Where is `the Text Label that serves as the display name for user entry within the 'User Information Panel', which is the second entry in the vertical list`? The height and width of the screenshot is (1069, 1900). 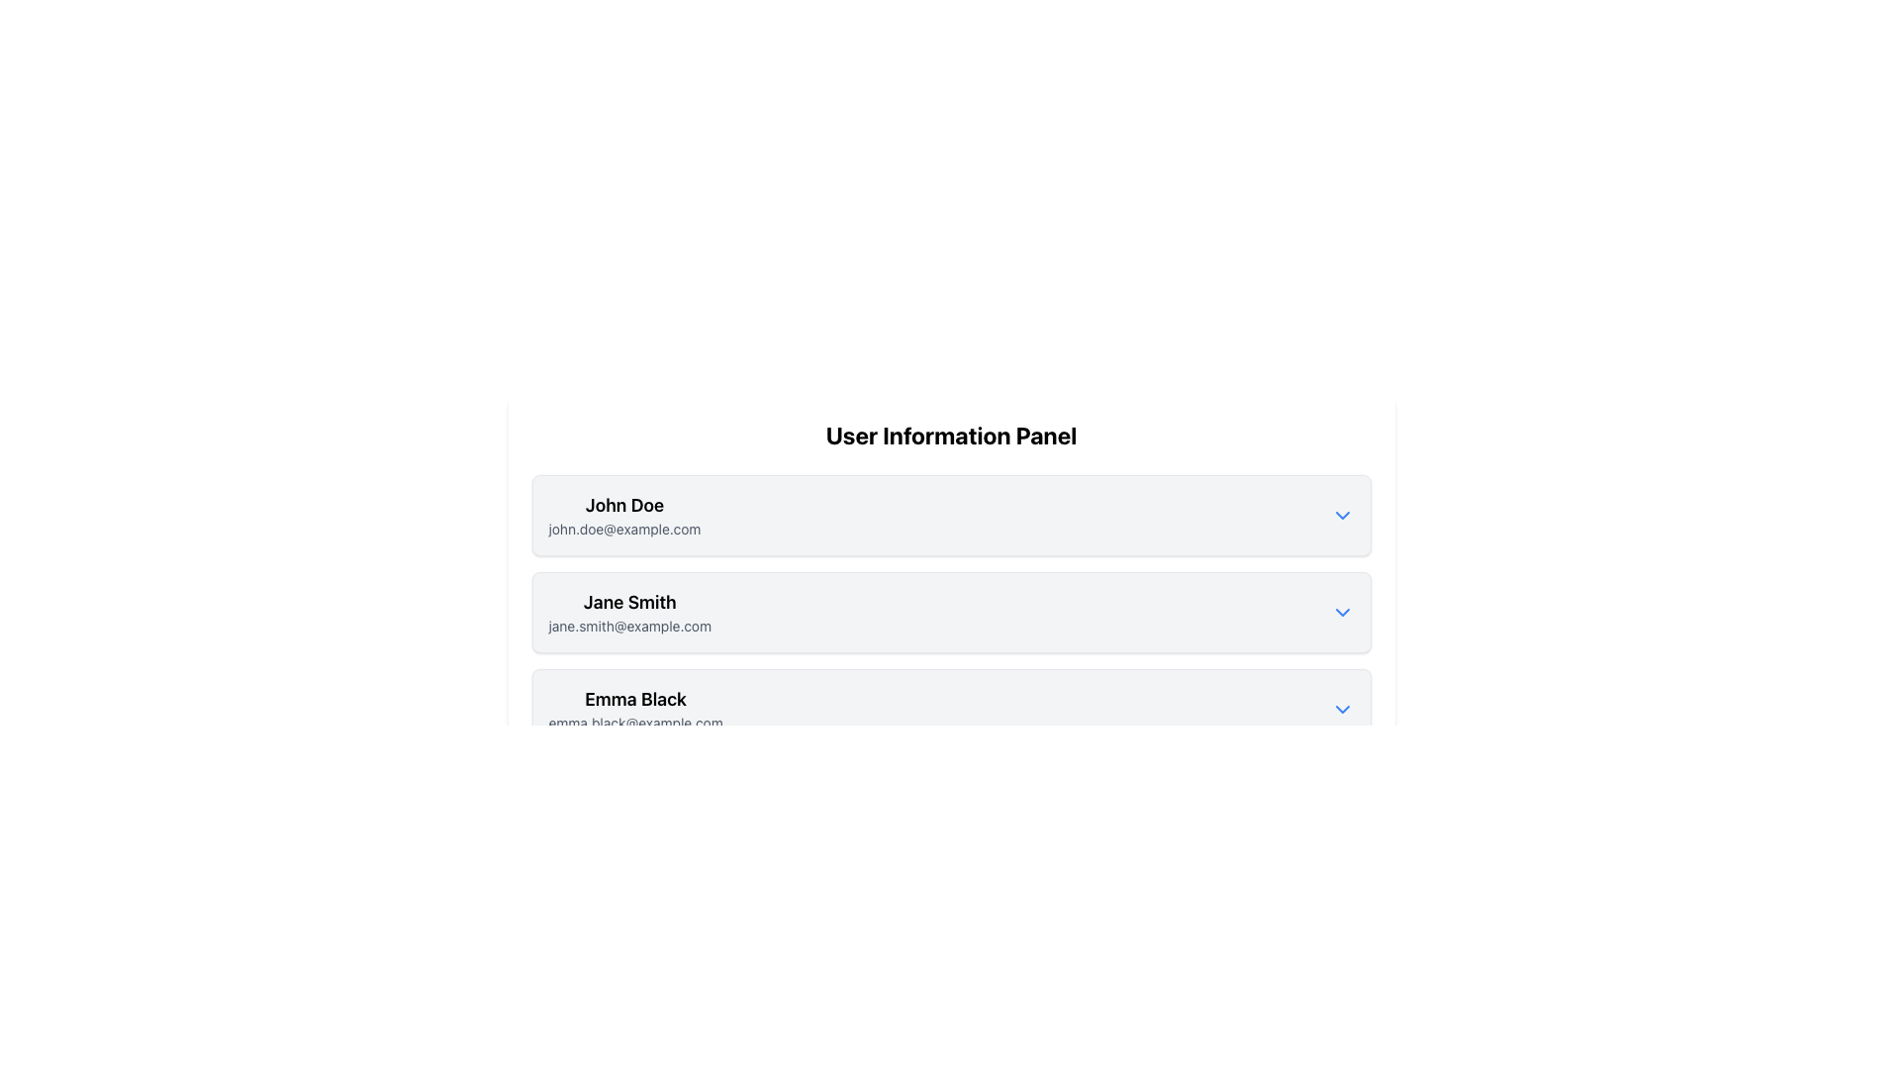
the Text Label that serves as the display name for user entry within the 'User Information Panel', which is the second entry in the vertical list is located at coordinates (628, 602).